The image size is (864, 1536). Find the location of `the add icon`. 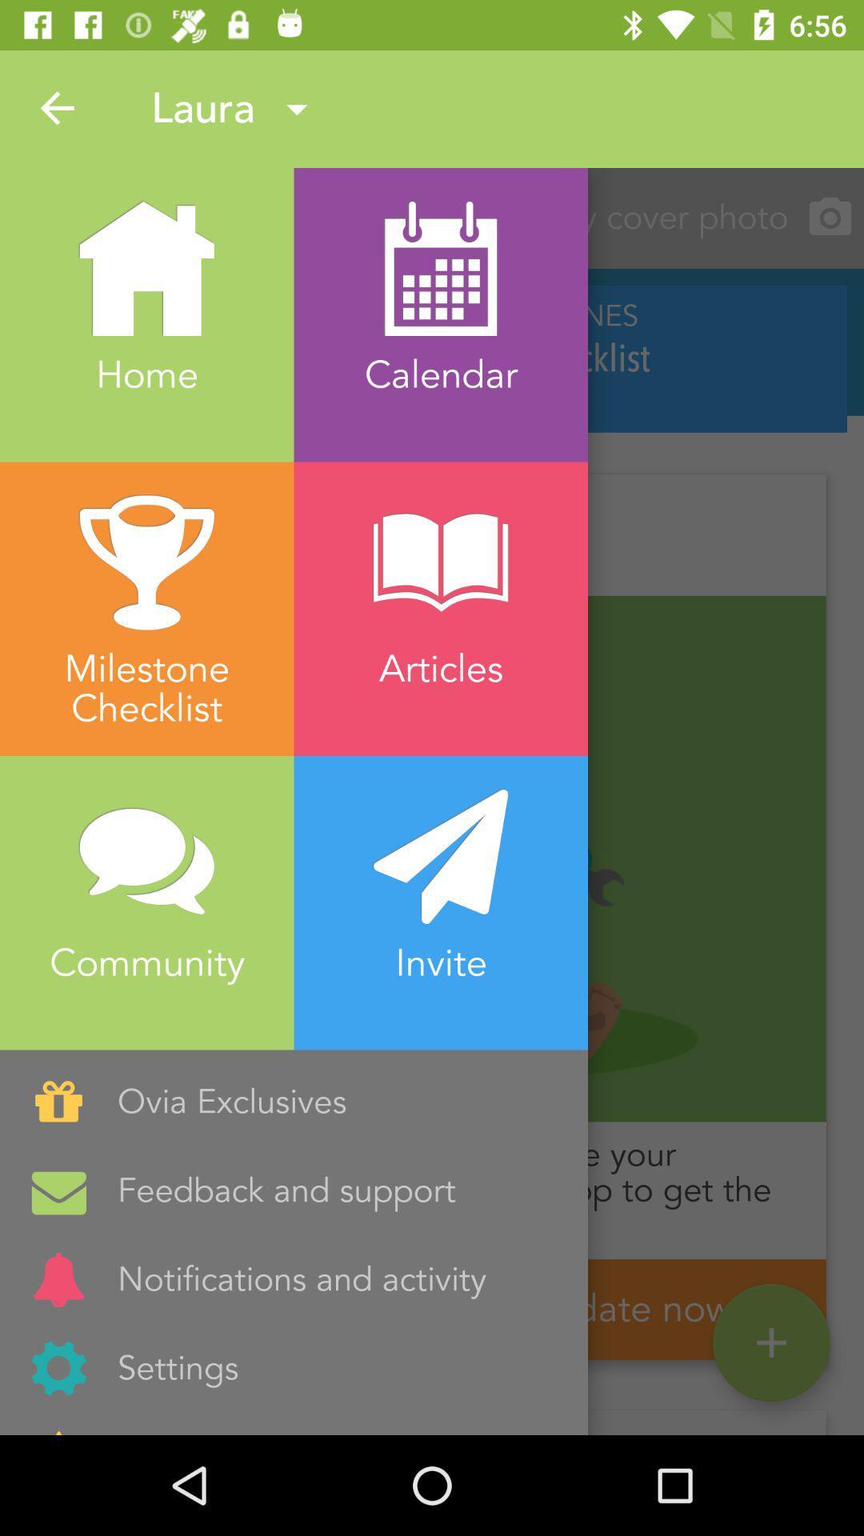

the add icon is located at coordinates (770, 1342).